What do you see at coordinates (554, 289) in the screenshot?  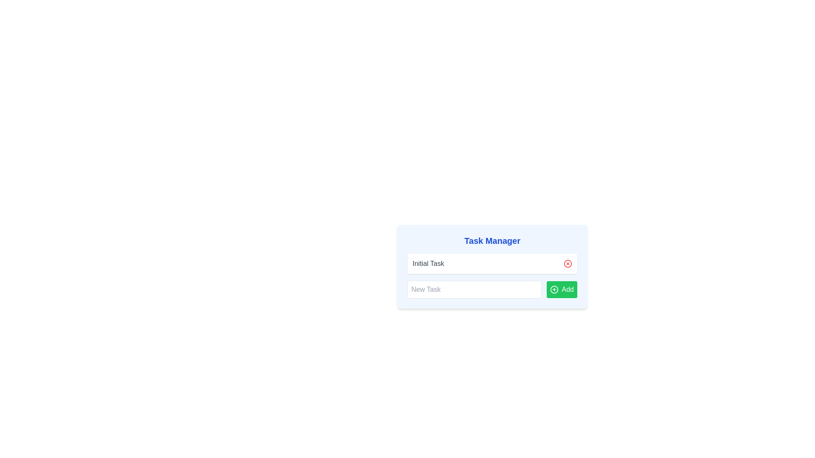 I see `the circular plus icon, which is styled with a green foreground color and located on the left side of the 'Add' button near the text 'Add'` at bounding box center [554, 289].